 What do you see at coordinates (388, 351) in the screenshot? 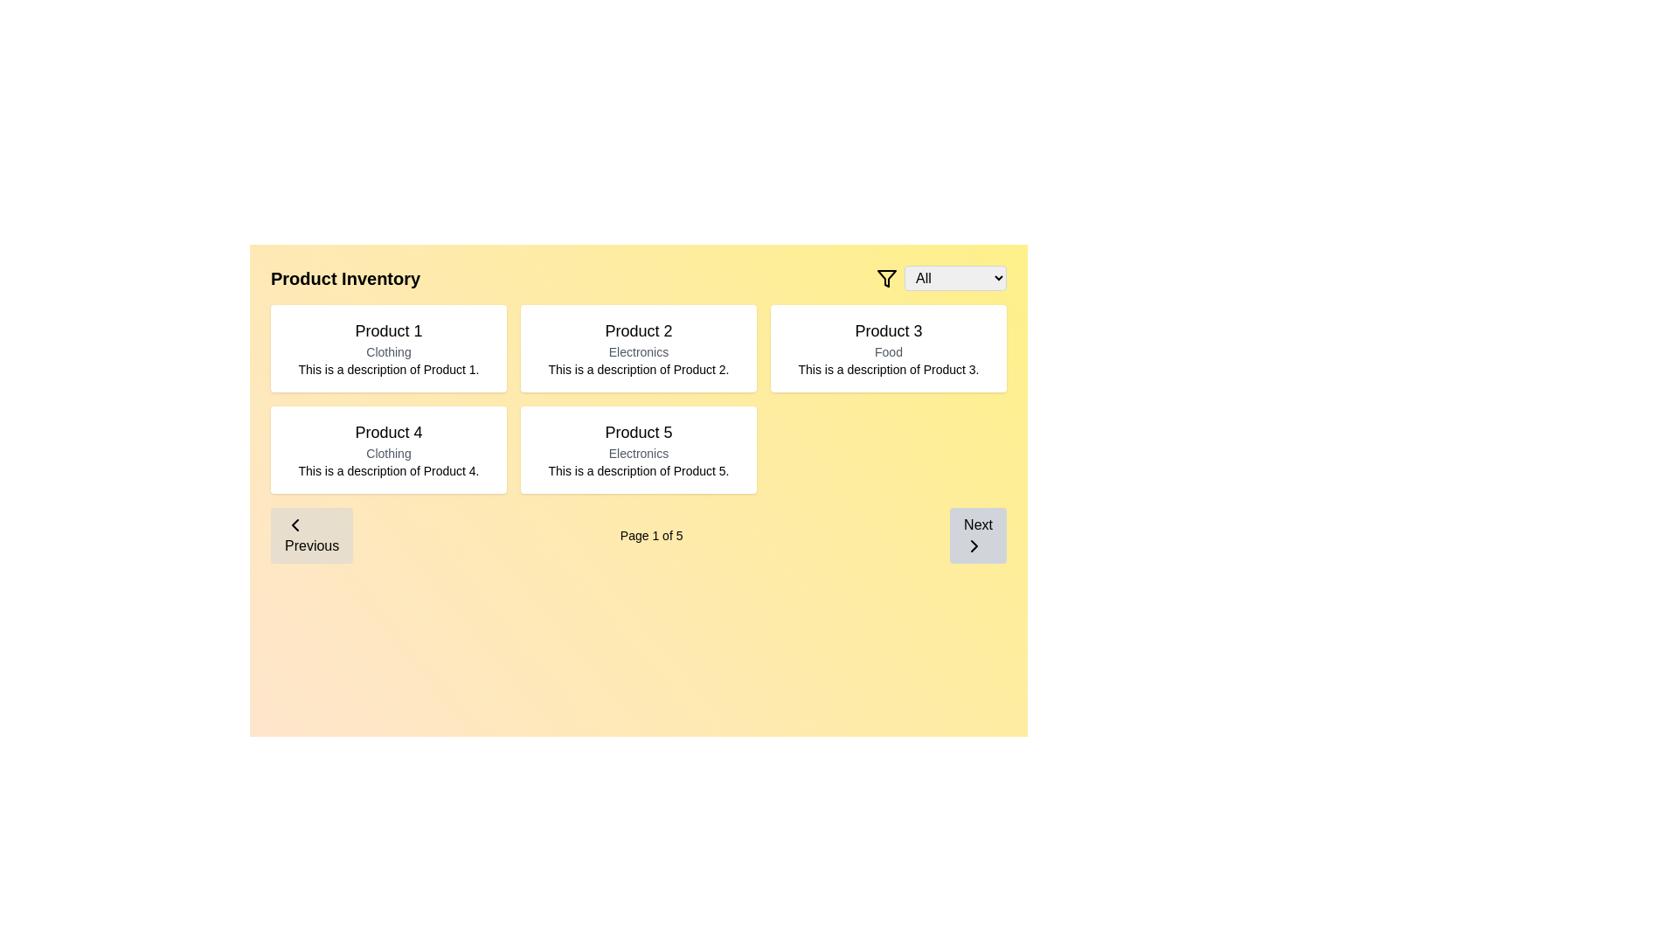
I see `the 'Clothing' text label, which is a smaller-sized gray font indicating a category for the item associated with 'Product 1'` at bounding box center [388, 351].